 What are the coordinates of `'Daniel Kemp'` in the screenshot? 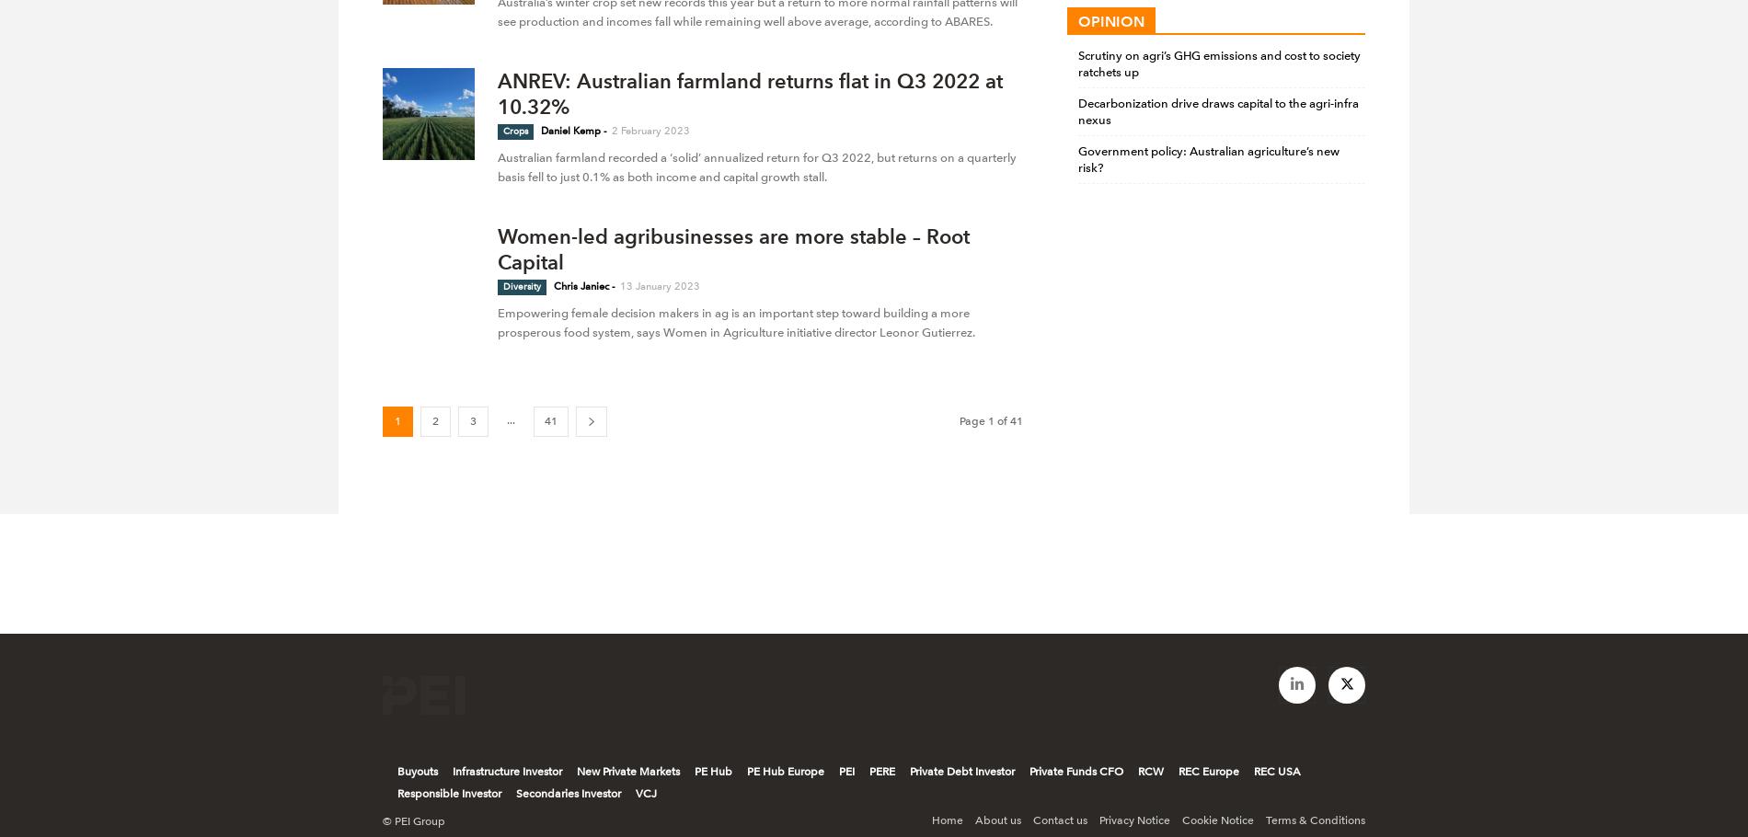 It's located at (570, 130).